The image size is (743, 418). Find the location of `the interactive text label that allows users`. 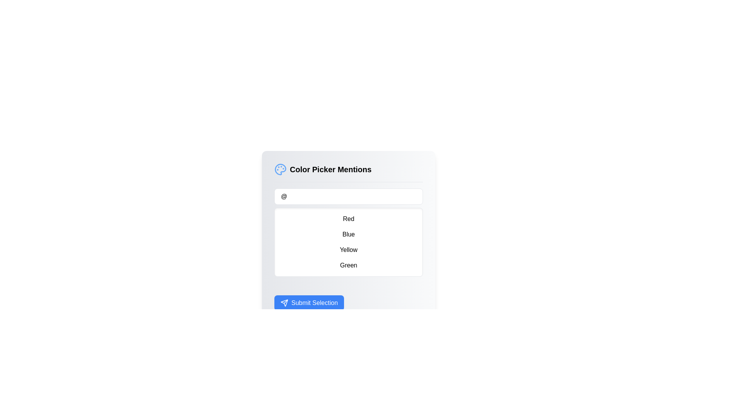

the interactive text label that allows users is located at coordinates (348, 250).